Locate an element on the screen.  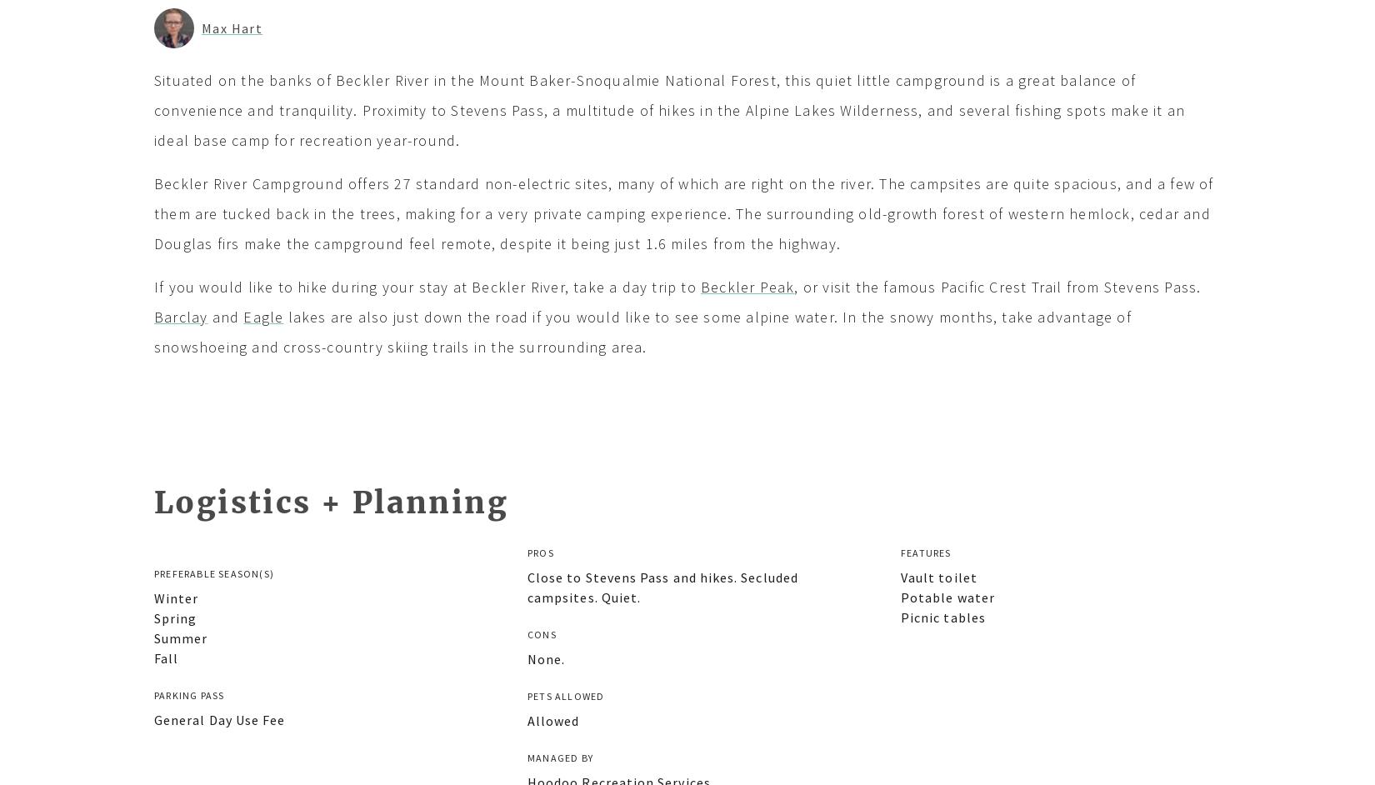
'Allowed' is located at coordinates (526, 720).